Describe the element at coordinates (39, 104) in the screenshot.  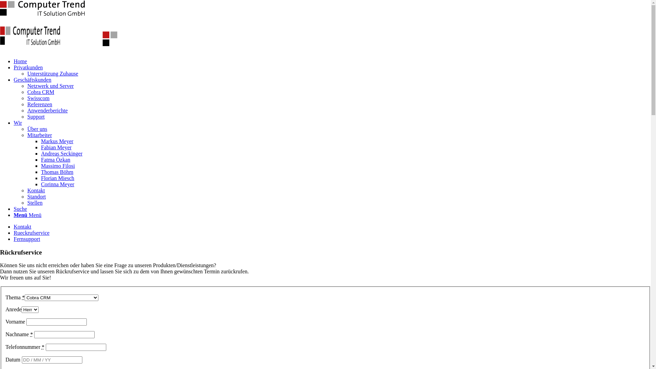
I see `'Referenzen'` at that location.